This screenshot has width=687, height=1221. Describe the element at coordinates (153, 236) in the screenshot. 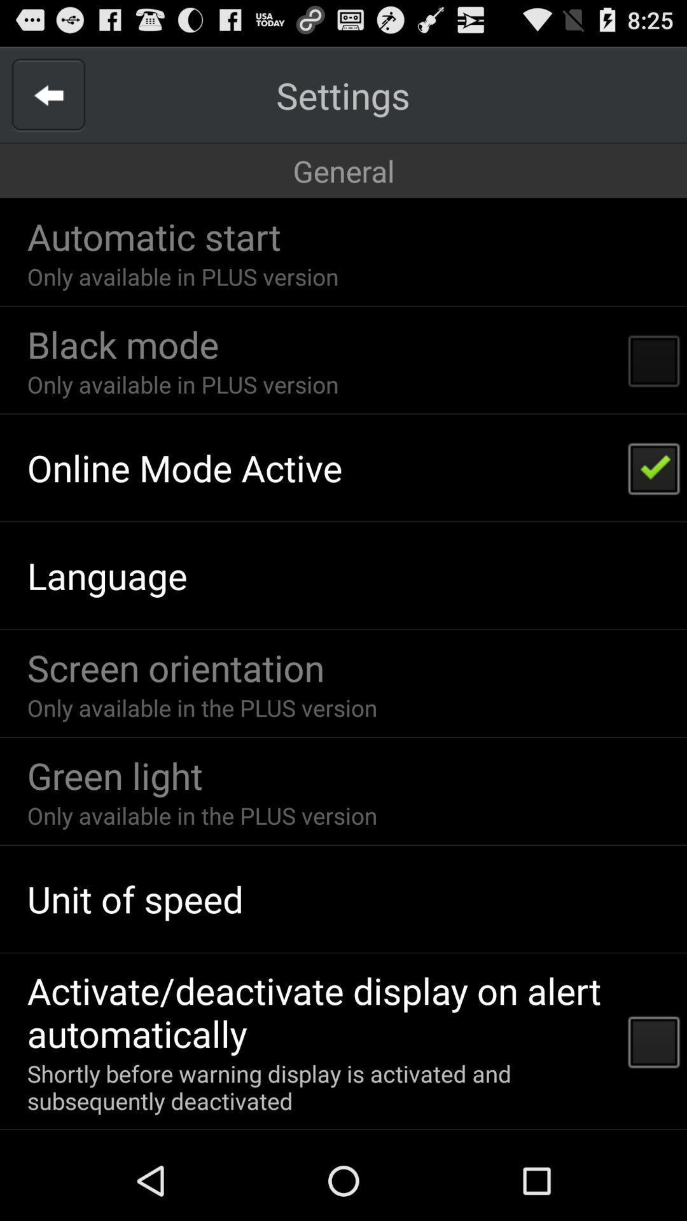

I see `item below the general app` at that location.